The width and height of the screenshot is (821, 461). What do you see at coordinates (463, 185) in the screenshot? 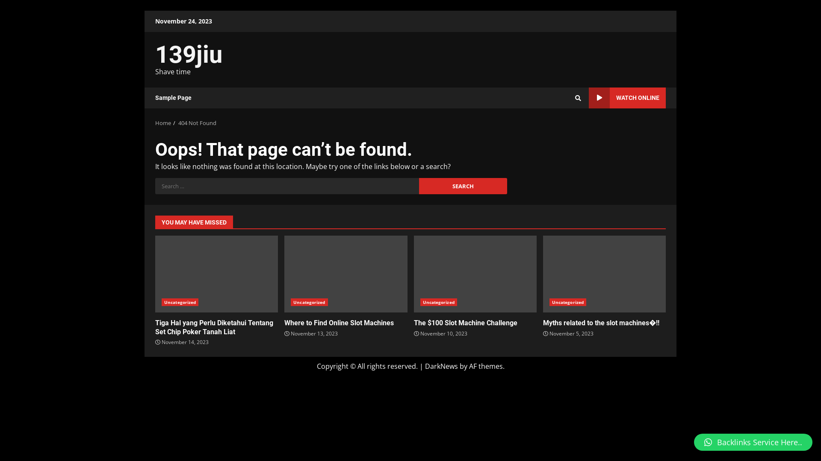
I see `'Search'` at bounding box center [463, 185].